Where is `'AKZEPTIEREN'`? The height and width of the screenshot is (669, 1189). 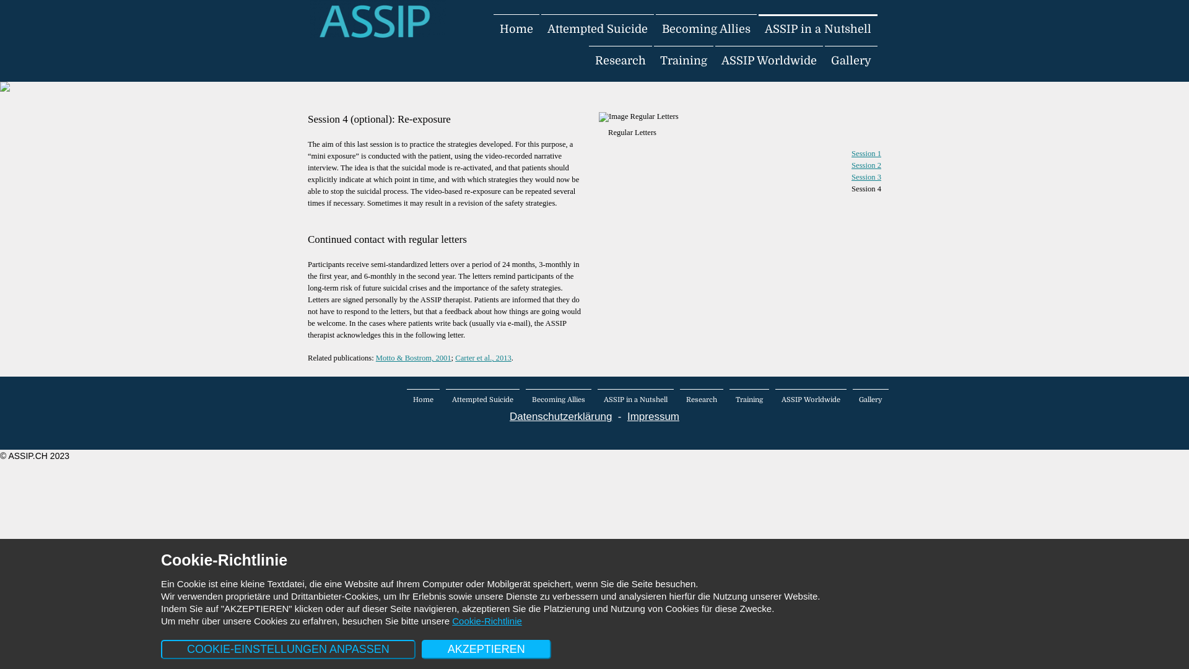 'AKZEPTIEREN' is located at coordinates (486, 649).